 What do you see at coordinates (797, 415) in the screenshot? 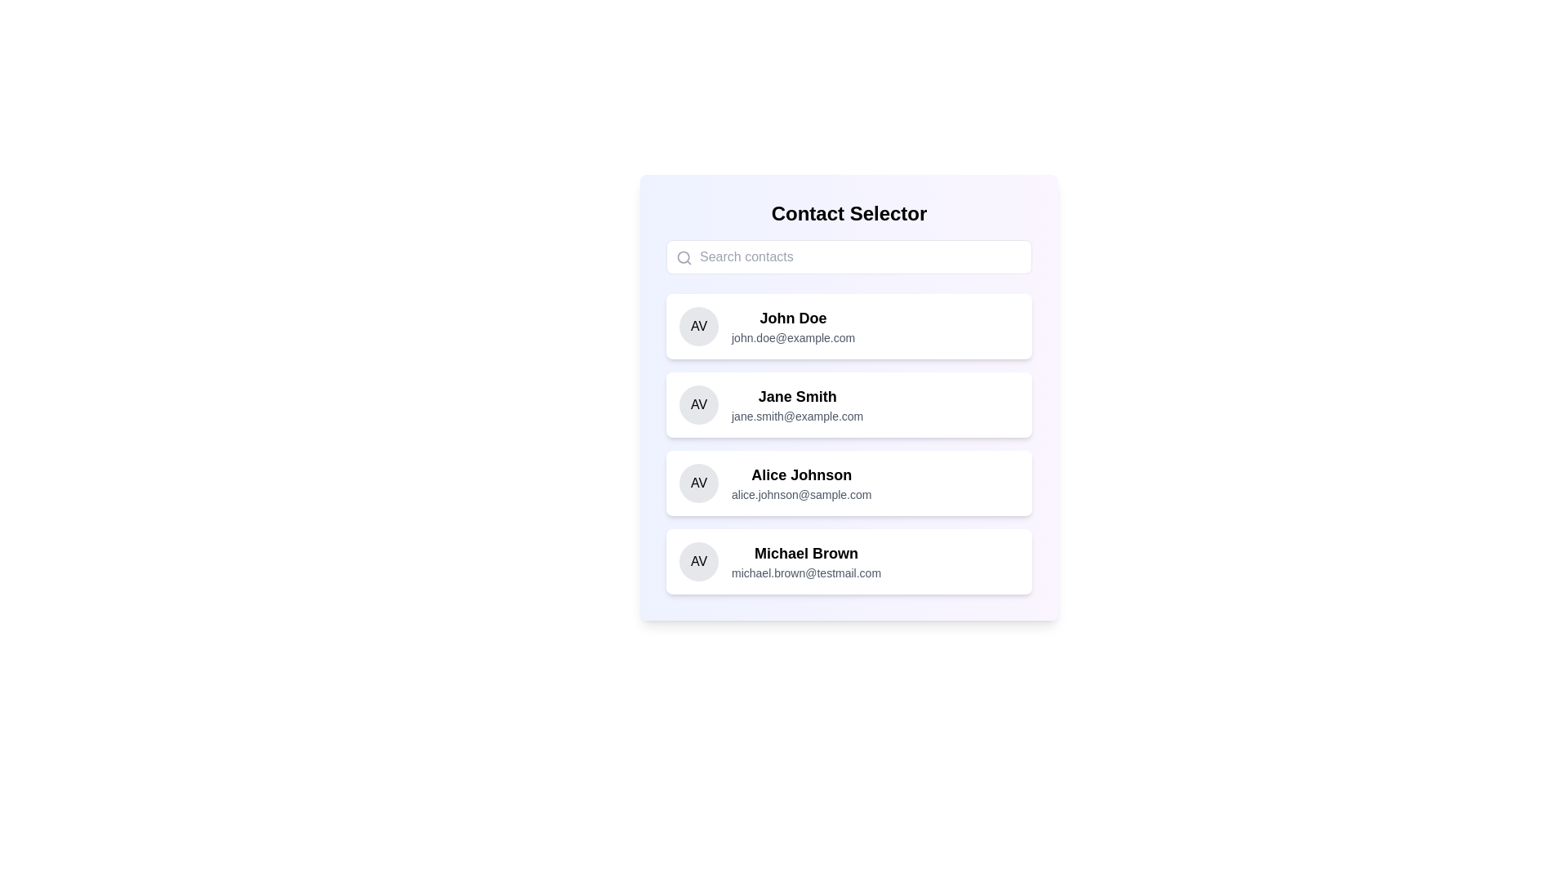
I see `the Text Label displaying the email address of the contact 'Jane Smith', which is located directly below the name in the second entry of the contact list` at bounding box center [797, 415].